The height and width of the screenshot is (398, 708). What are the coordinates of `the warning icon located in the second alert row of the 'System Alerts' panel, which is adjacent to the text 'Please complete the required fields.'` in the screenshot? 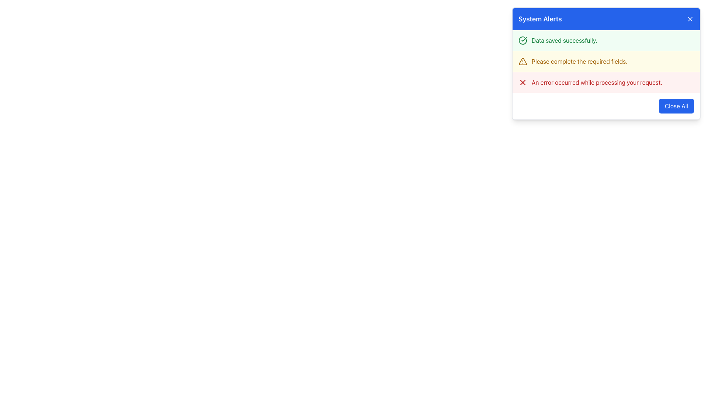 It's located at (522, 61).